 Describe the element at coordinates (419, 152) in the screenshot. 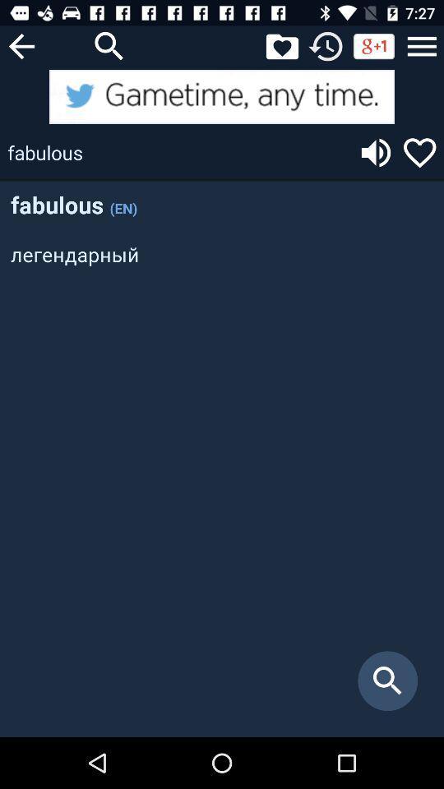

I see `mark as favorite` at that location.